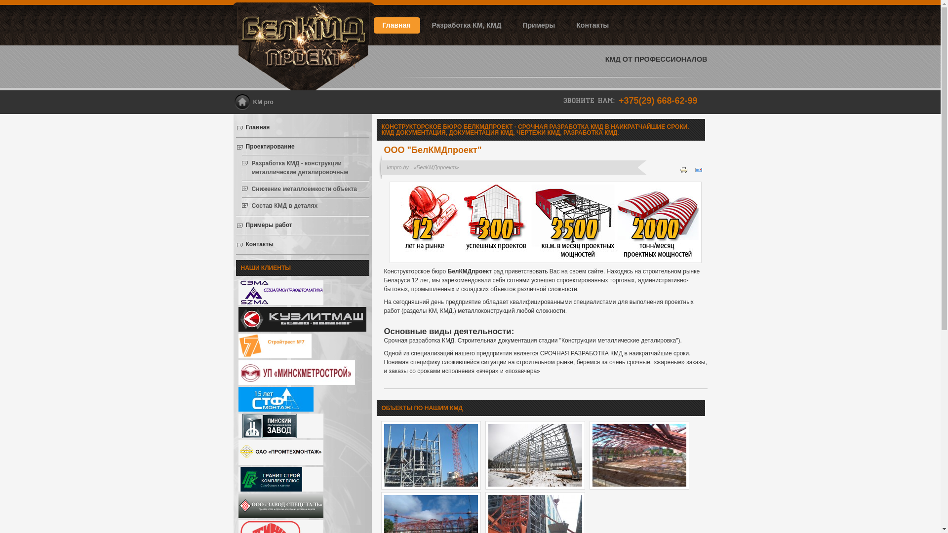  I want to click on 'Print', so click(679, 171).